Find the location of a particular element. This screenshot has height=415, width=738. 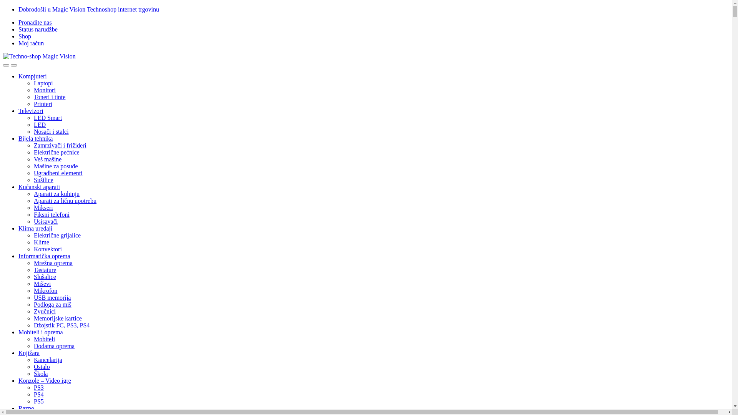

'Mobiteli' is located at coordinates (44, 339).